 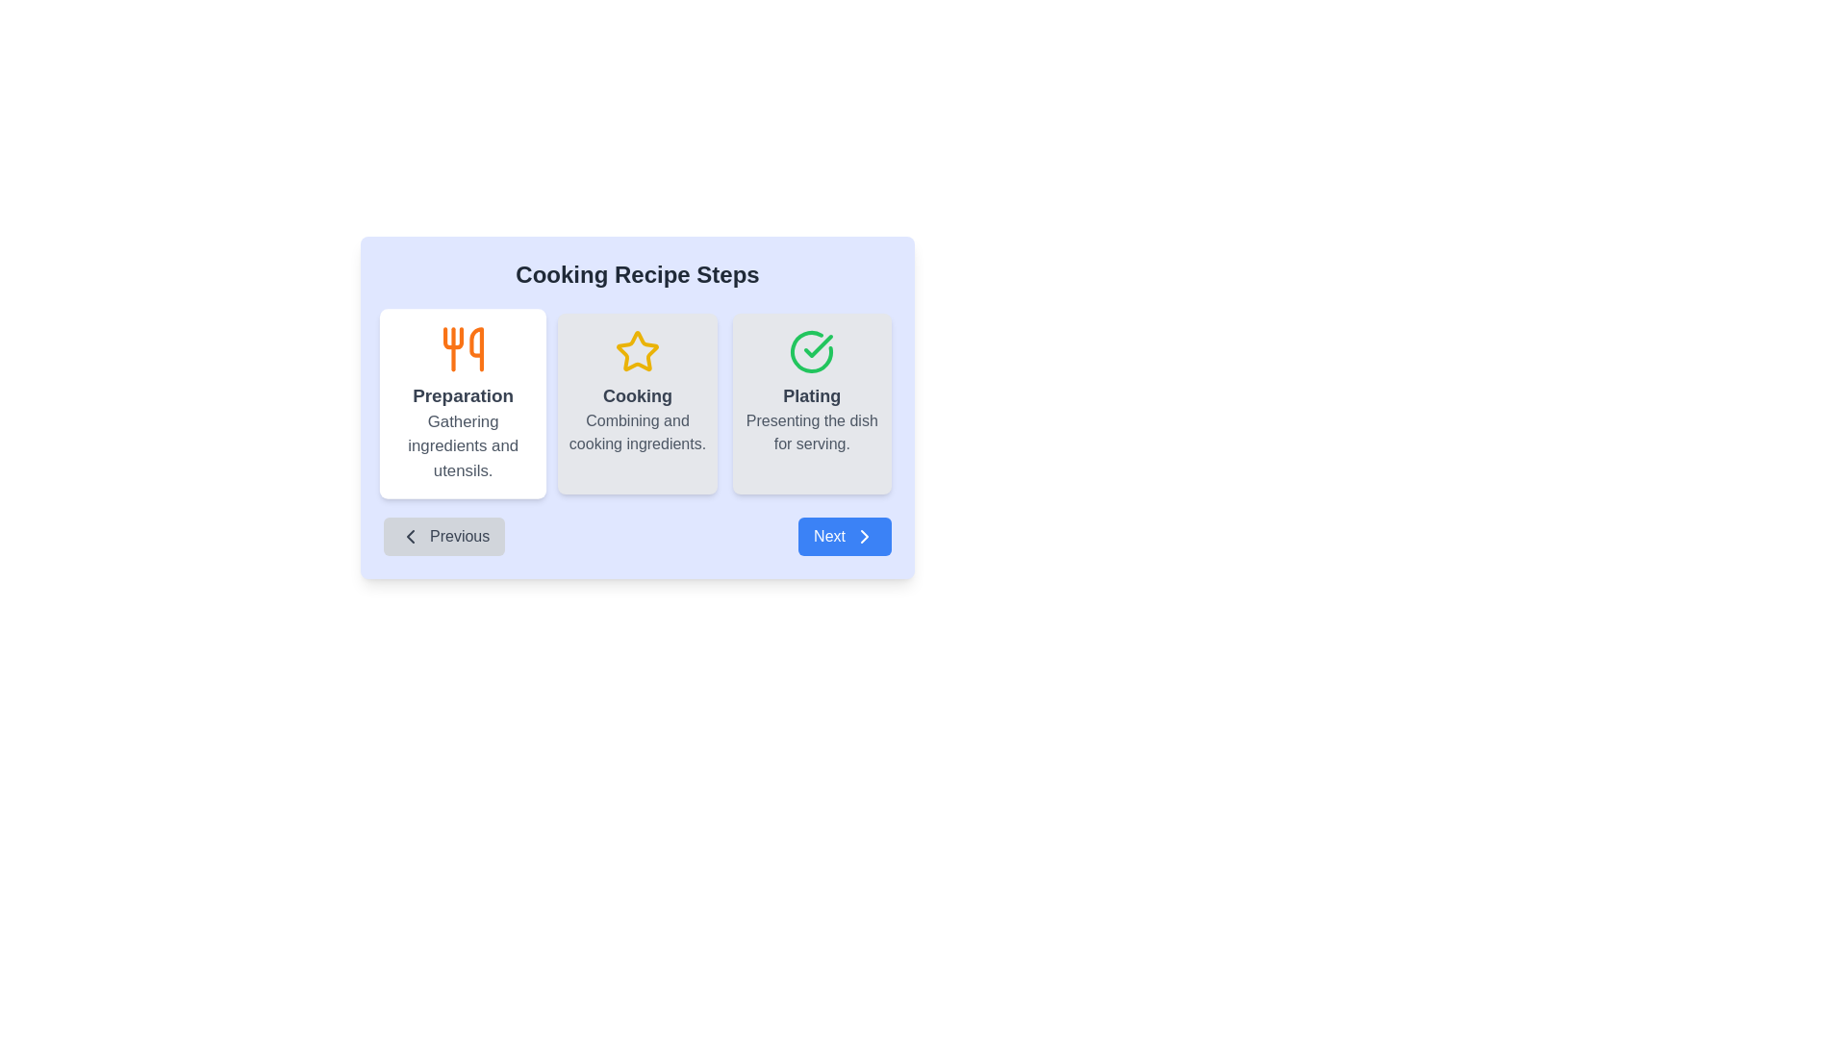 I want to click on the Informational card section that provides details about the 'Cooking' stage in the cooking recipe guide, so click(x=637, y=403).